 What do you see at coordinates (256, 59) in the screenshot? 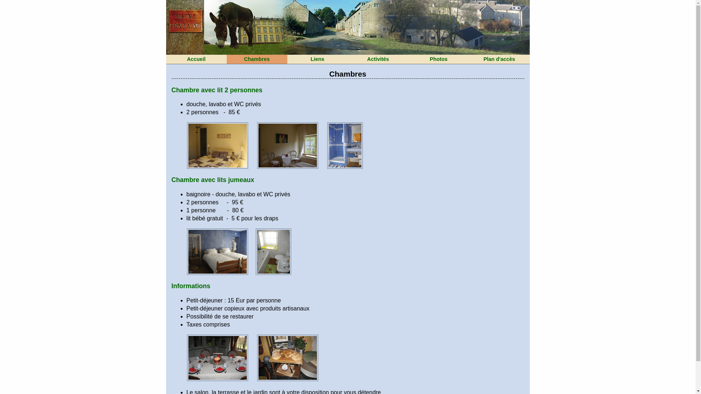
I see `'Chambres'` at bounding box center [256, 59].